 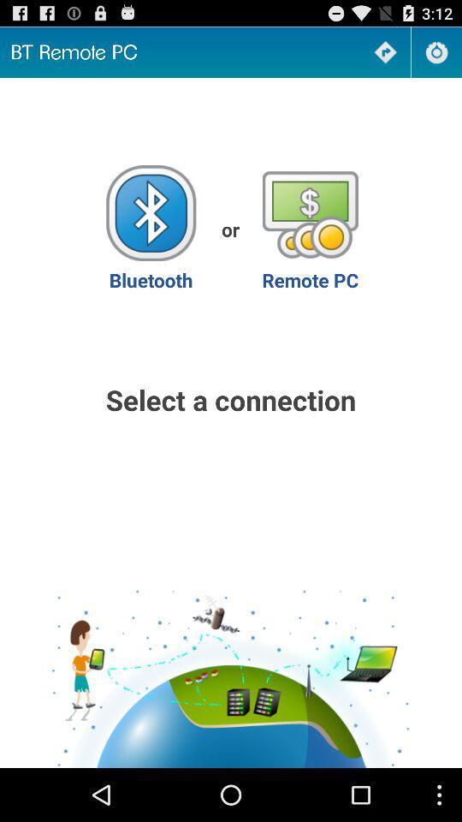 I want to click on item next to the or app, so click(x=151, y=228).